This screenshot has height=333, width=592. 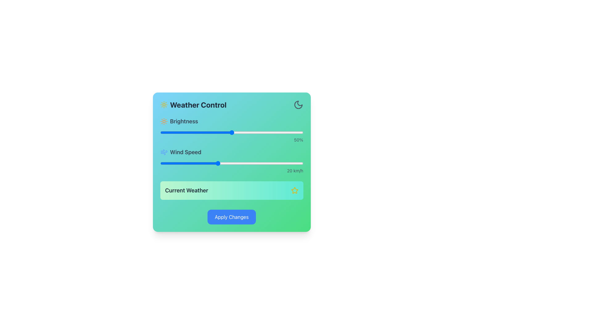 I want to click on wind speed, so click(x=257, y=163).